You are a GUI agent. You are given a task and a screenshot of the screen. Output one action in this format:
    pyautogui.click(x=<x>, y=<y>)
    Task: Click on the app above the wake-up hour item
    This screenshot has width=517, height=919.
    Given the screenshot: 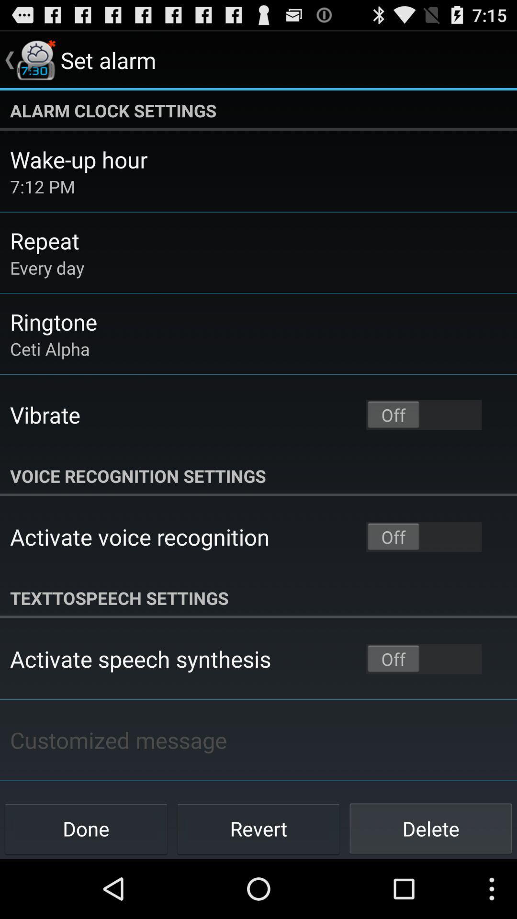 What is the action you would take?
    pyautogui.click(x=258, y=110)
    